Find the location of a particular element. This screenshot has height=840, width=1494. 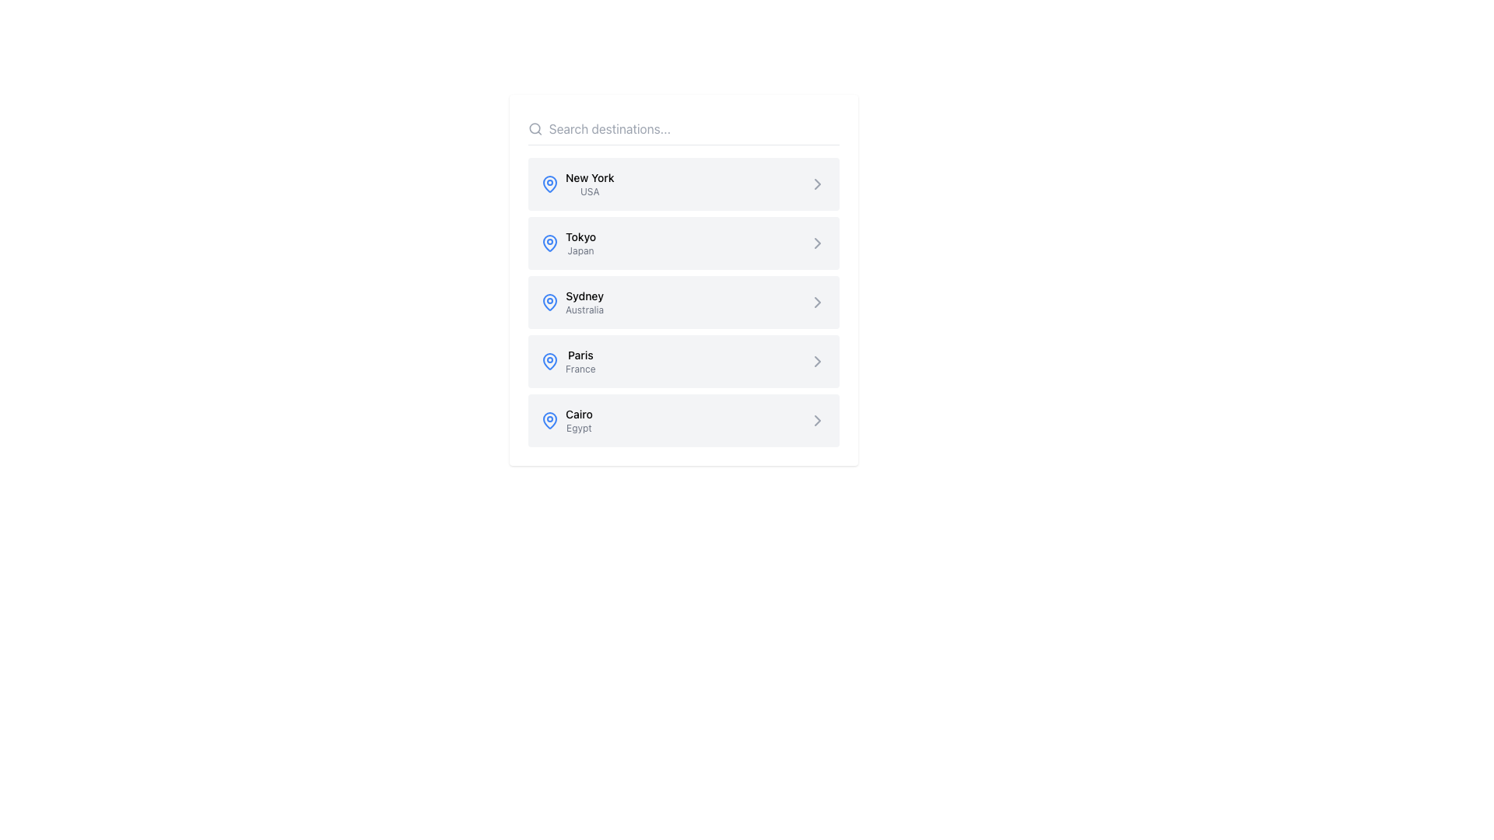

the list item displaying 'Sydney' and 'Australia' is located at coordinates (683, 303).